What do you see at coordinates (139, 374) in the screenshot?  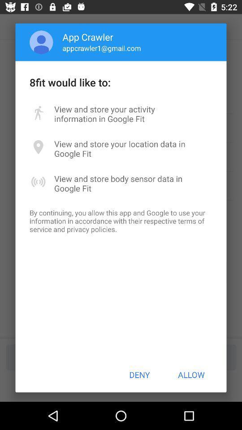 I see `the item to the left of the allow button` at bounding box center [139, 374].